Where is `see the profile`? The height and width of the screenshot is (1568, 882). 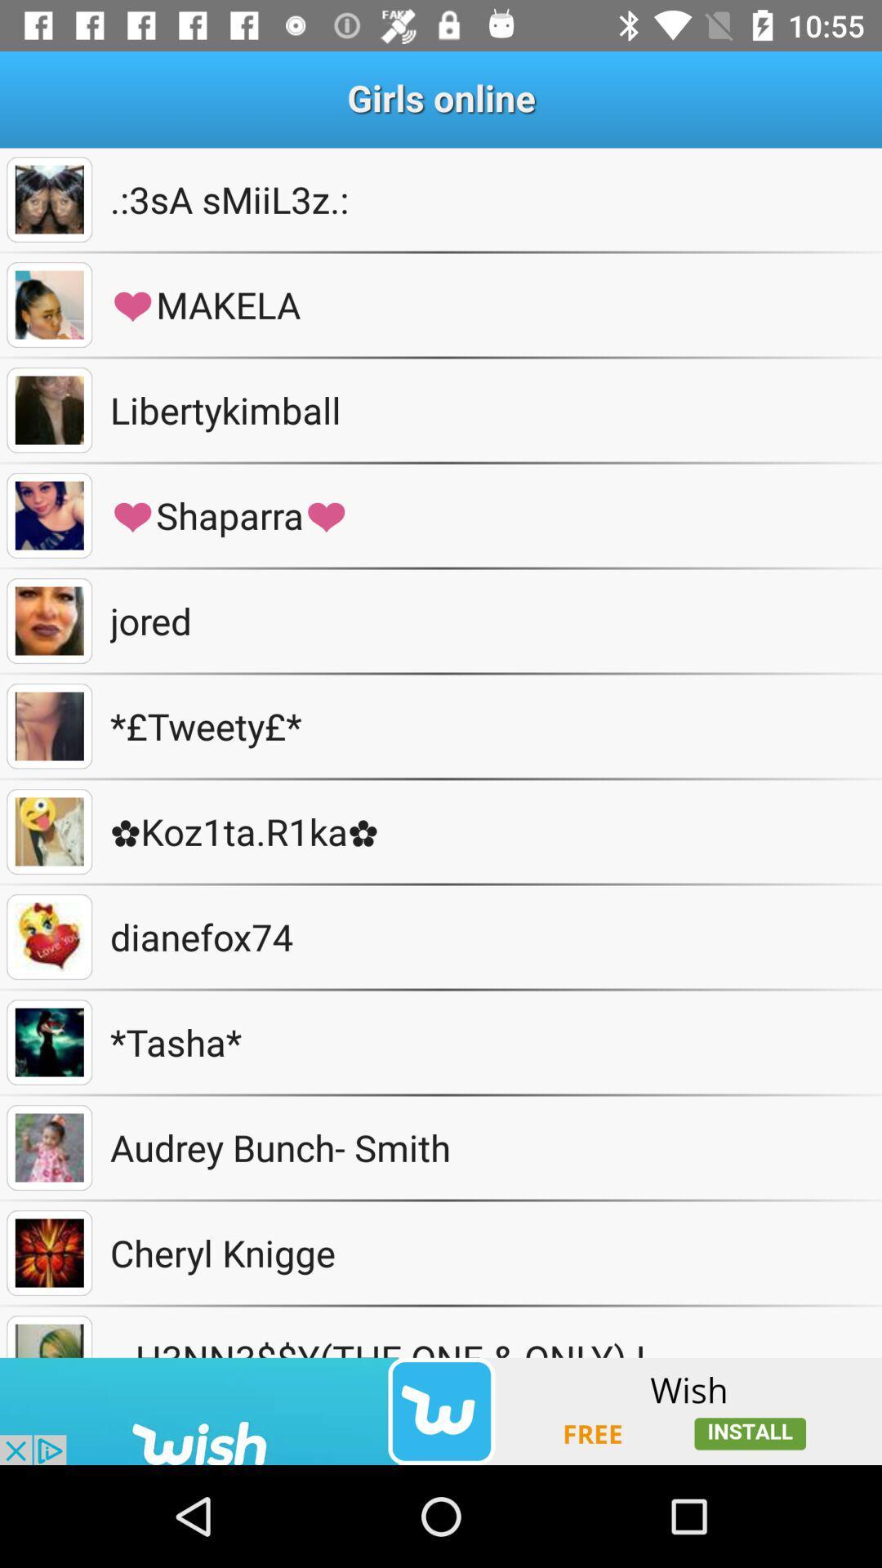
see the profile is located at coordinates (48, 1336).